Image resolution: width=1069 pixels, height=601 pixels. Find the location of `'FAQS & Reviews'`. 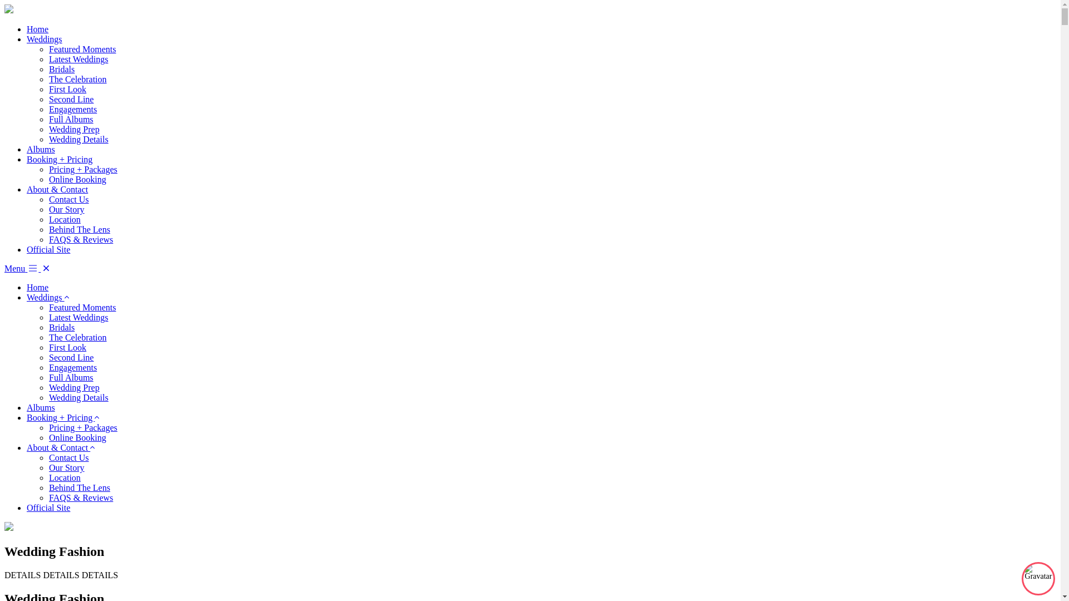

'FAQS & Reviews' is located at coordinates (80, 497).